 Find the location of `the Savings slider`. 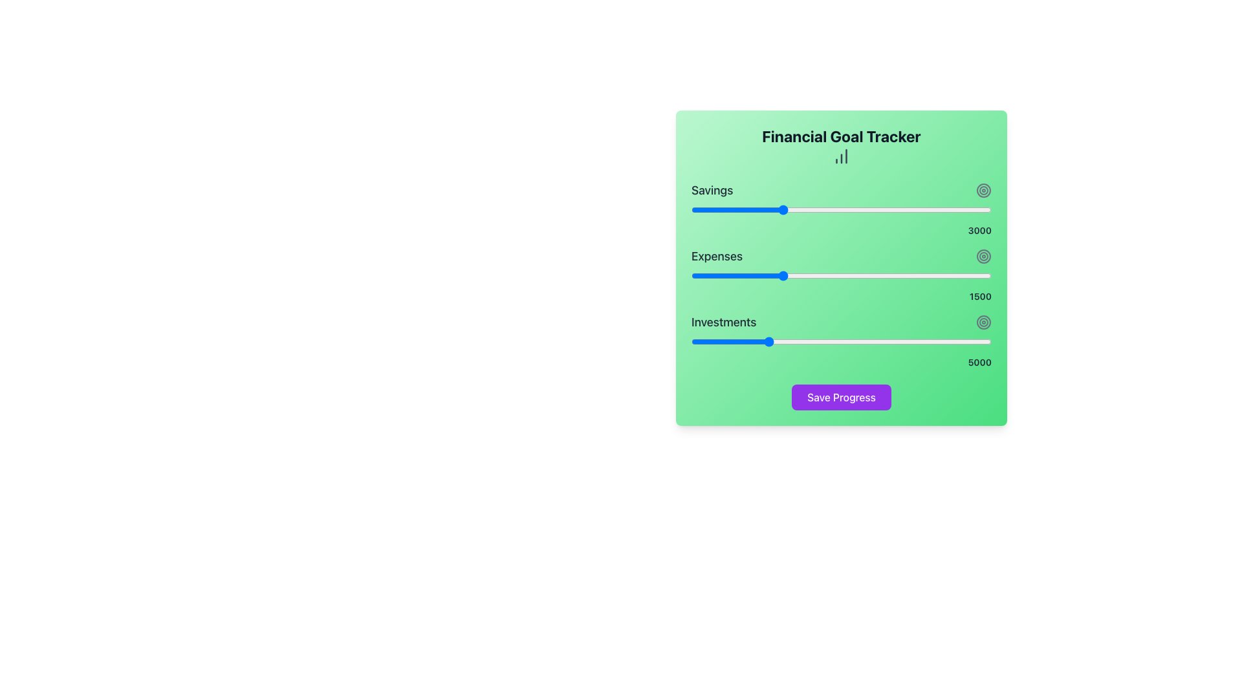

the Savings slider is located at coordinates (875, 209).